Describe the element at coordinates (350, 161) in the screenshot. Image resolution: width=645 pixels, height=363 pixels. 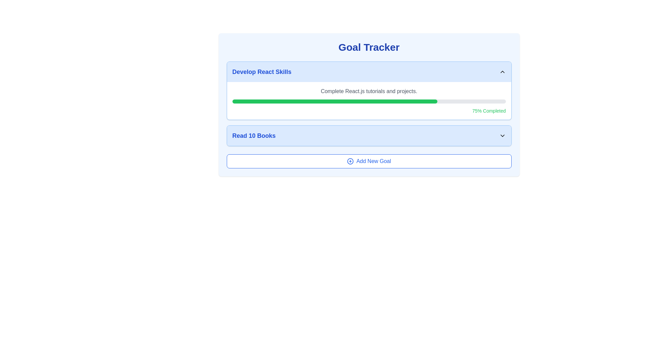
I see `the 'plus in a circle' SVG graphic element located inside the 'Add New Goal' button` at that location.